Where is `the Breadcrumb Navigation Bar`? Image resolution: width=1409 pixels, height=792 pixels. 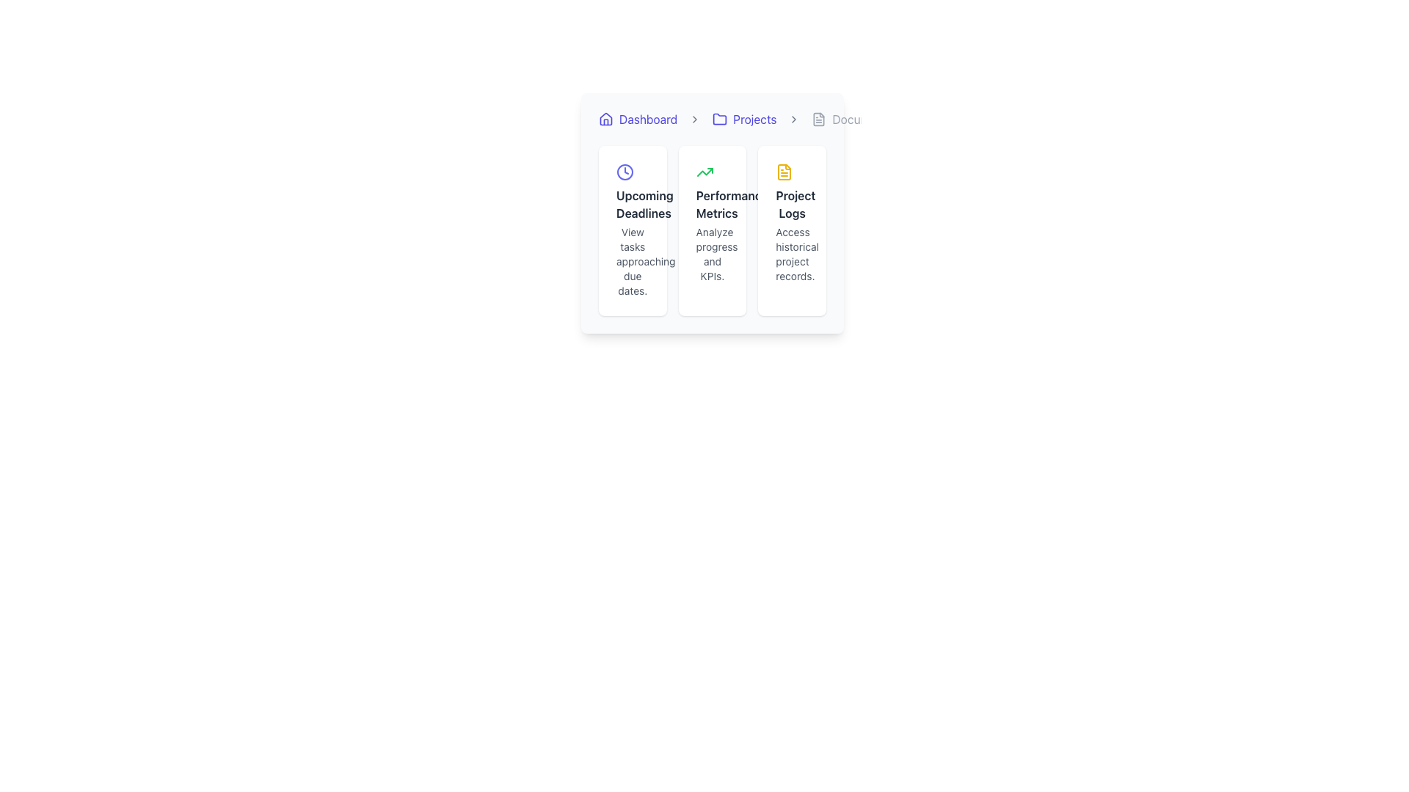 the Breadcrumb Navigation Bar is located at coordinates (712, 118).